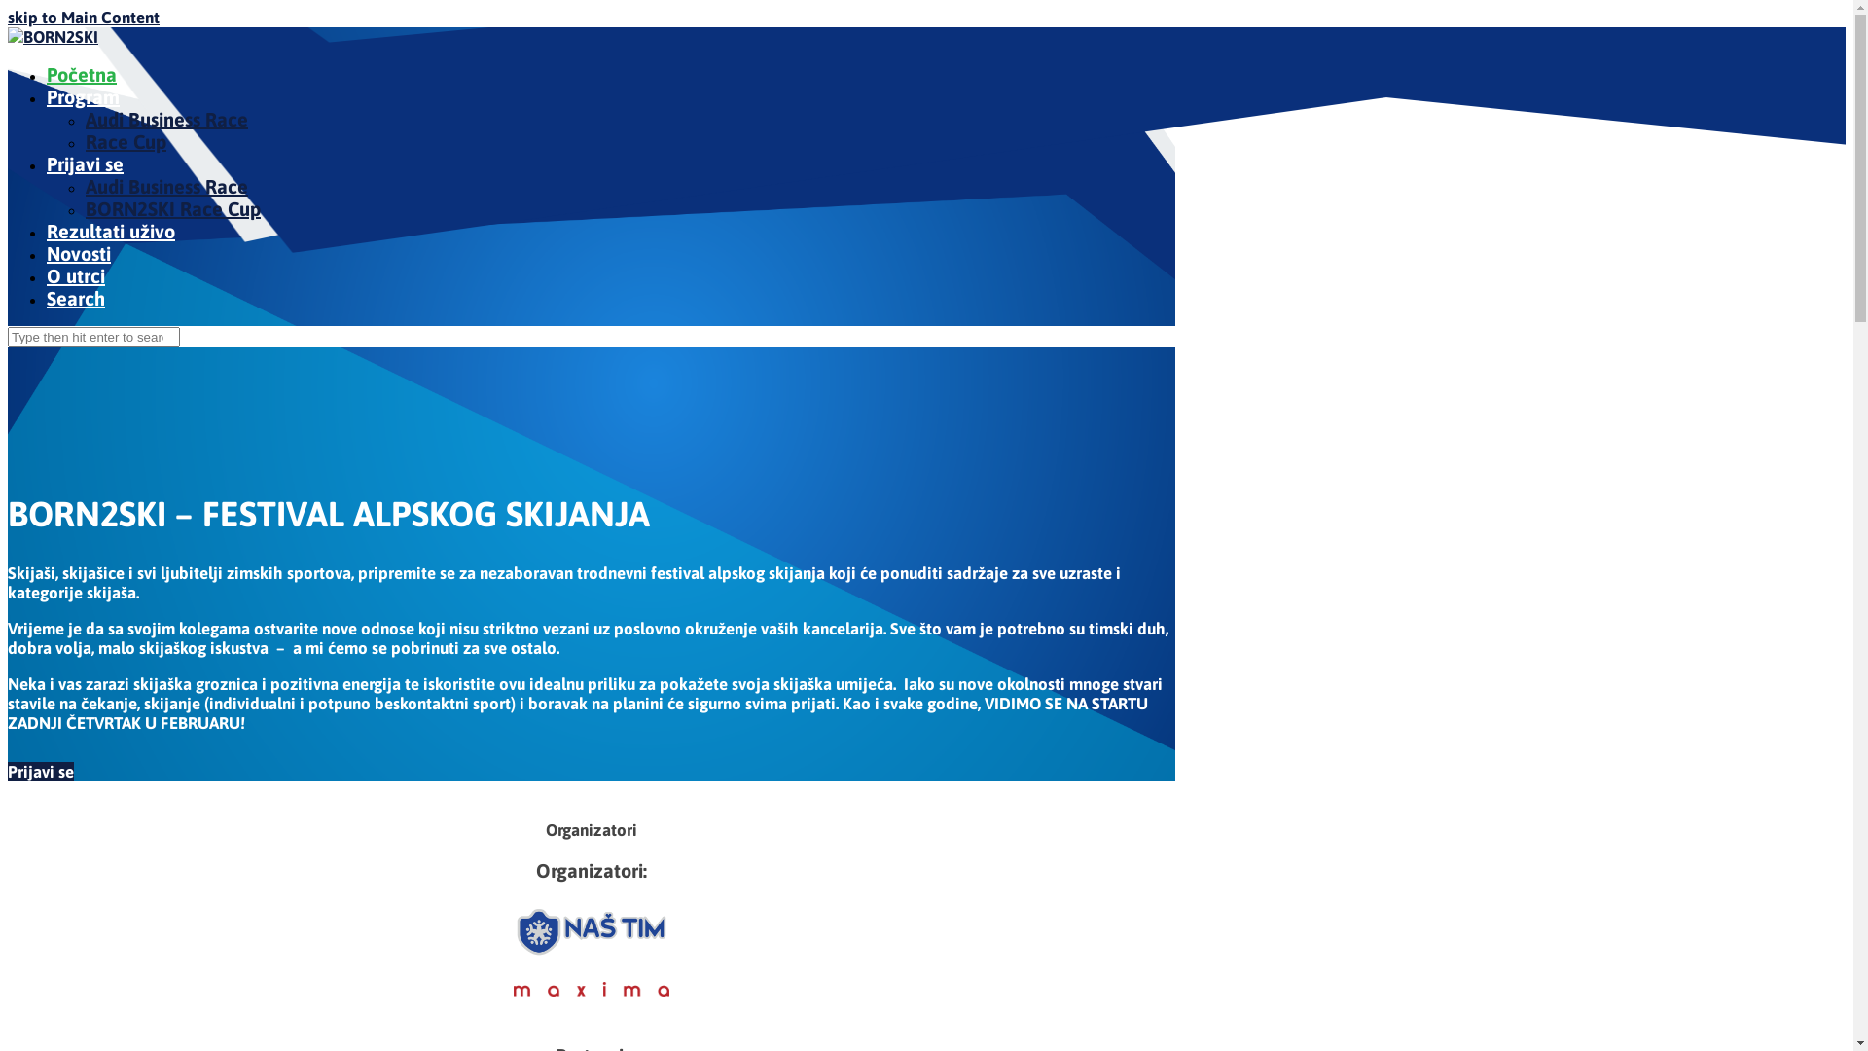  I want to click on 'Search', so click(47, 298).